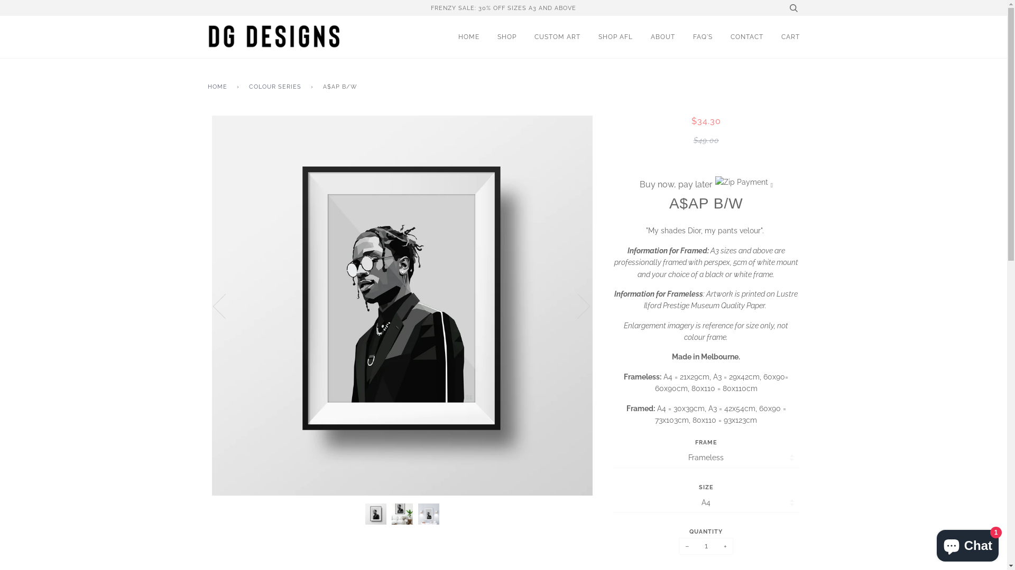 The height and width of the screenshot is (570, 1015). I want to click on 'COLOUR SERIES', so click(276, 87).